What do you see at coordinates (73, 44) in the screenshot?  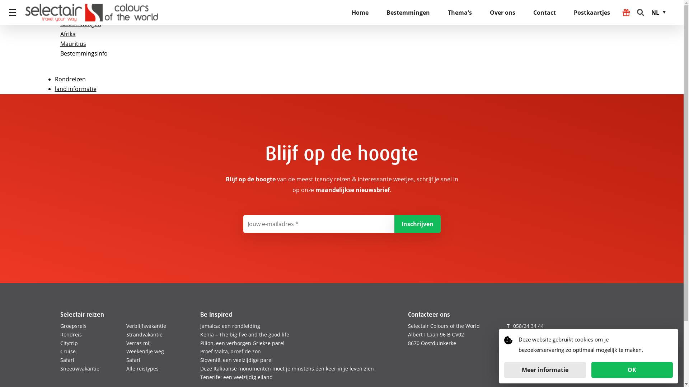 I see `'Mauritius'` at bounding box center [73, 44].